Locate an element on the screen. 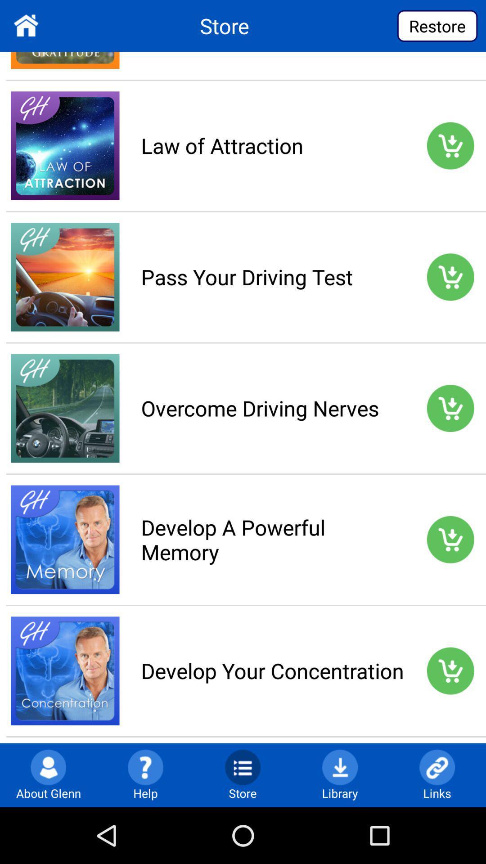 The image size is (486, 864). the law of attraction is located at coordinates (272, 145).